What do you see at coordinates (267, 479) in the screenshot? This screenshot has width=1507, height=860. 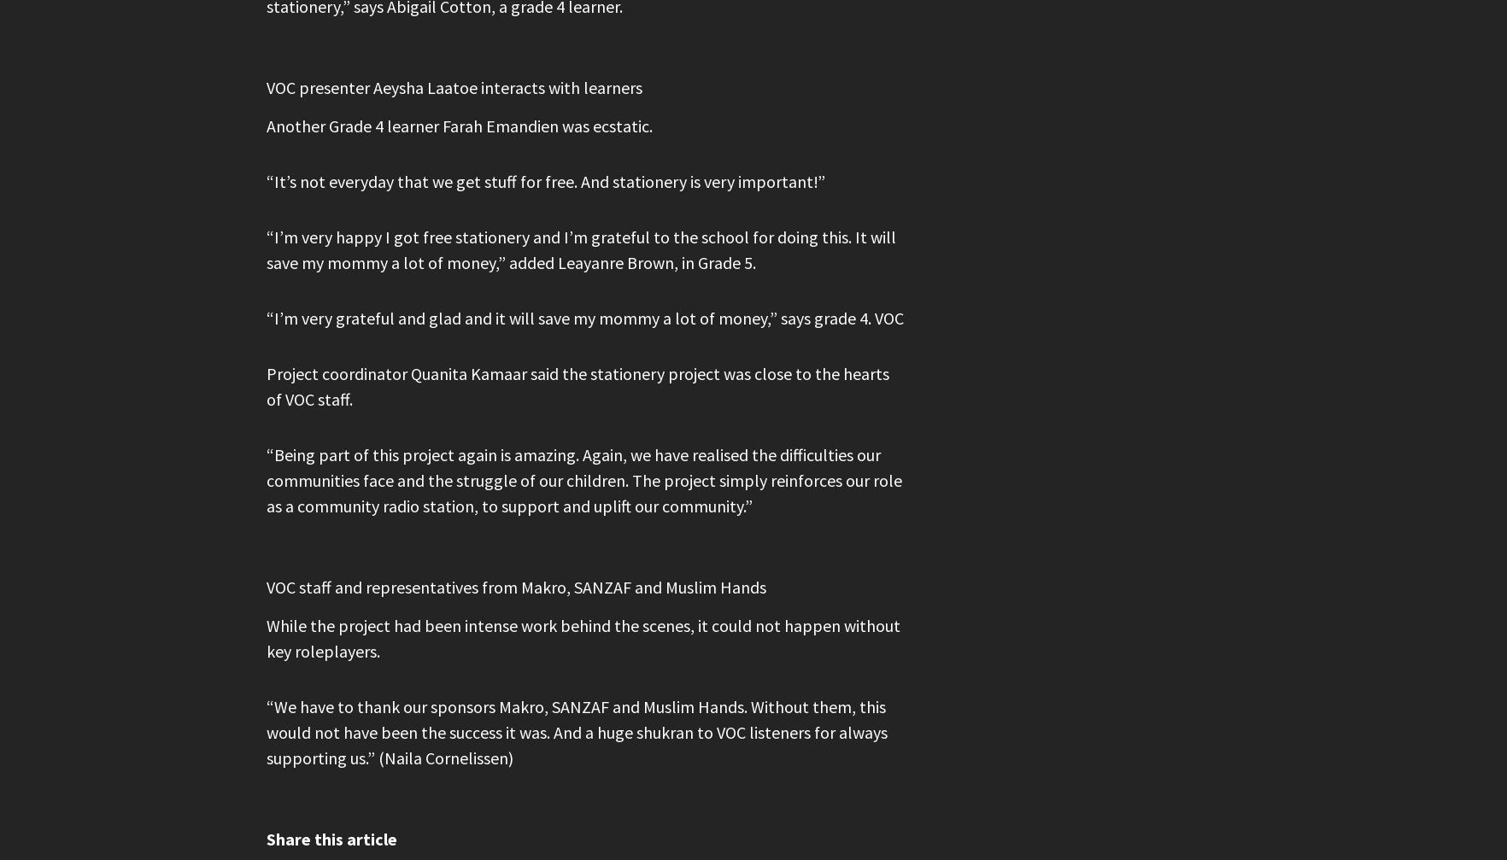 I see `'“Being part of this project again is amazing. Again, we have realised the difficulties our communities face and the struggle of our children. The project simply reinforces our role as a community radio station, to support and uplift our community.”'` at bounding box center [267, 479].